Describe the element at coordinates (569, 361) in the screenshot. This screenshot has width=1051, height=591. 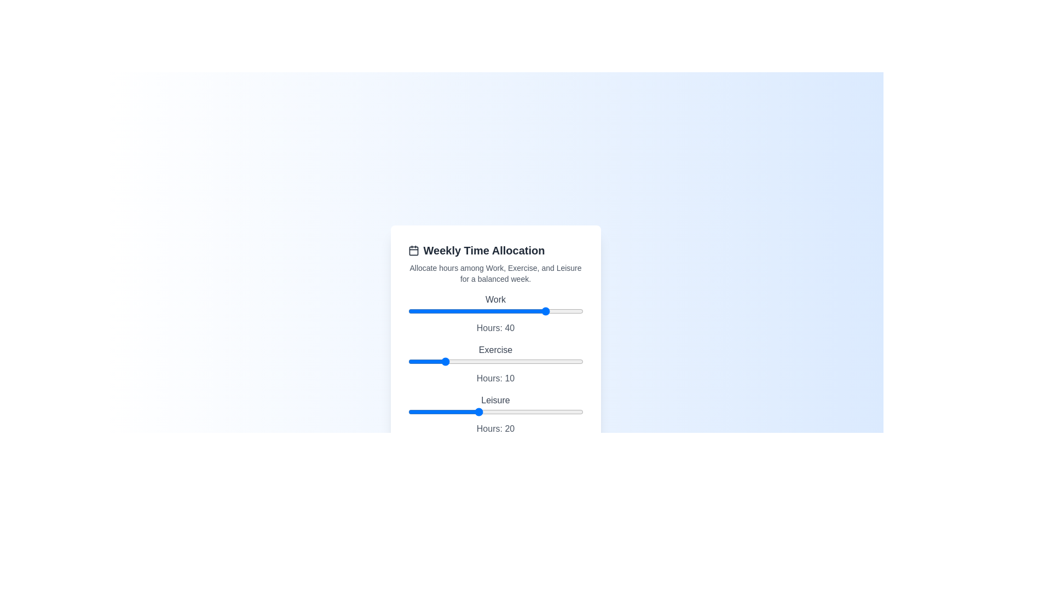
I see `the 'Exercise' slider to 46 hours` at that location.